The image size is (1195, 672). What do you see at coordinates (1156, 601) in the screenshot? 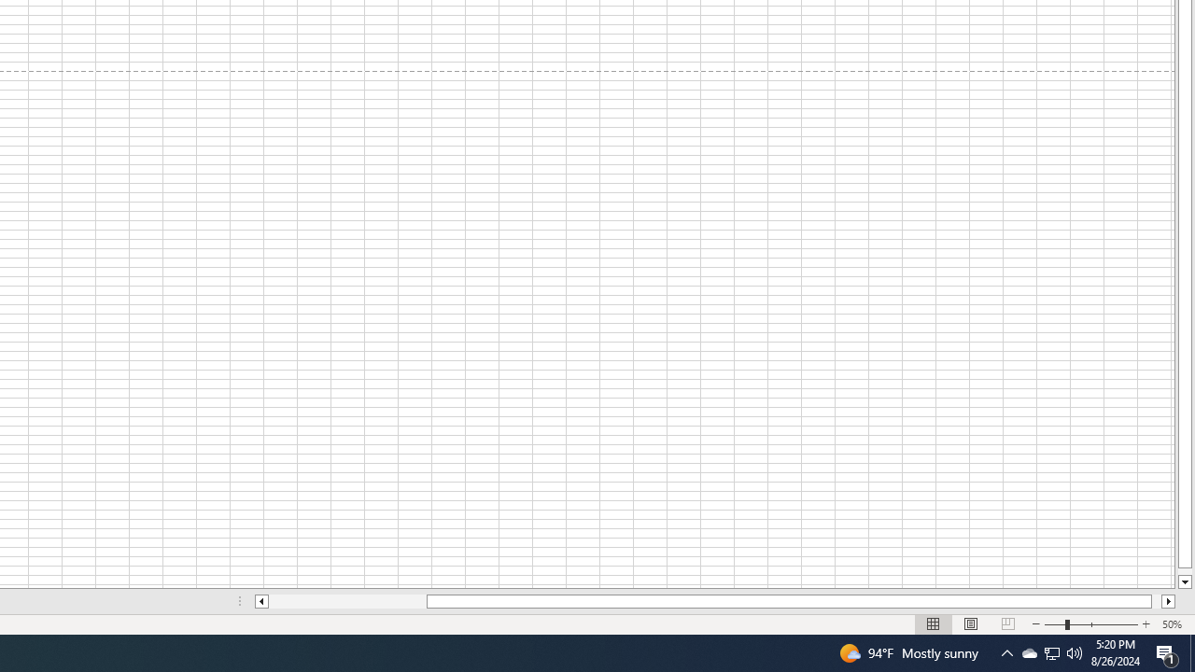
I see `'Page right'` at bounding box center [1156, 601].